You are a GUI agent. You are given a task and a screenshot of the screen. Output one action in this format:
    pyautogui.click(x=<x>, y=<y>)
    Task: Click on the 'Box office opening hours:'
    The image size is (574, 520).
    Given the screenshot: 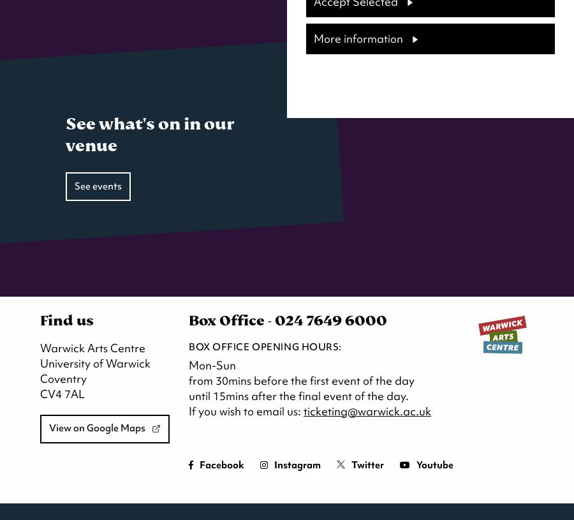 What is the action you would take?
    pyautogui.click(x=265, y=346)
    